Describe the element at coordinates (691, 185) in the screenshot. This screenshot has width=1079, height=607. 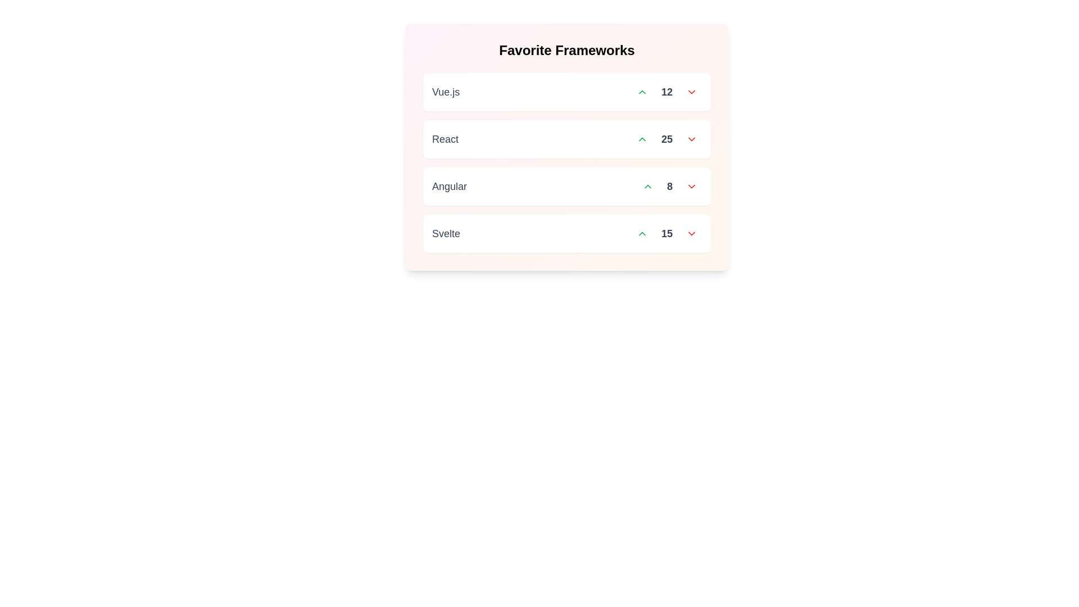
I see `downvote button for the item Angular to decrease its vote count` at that location.